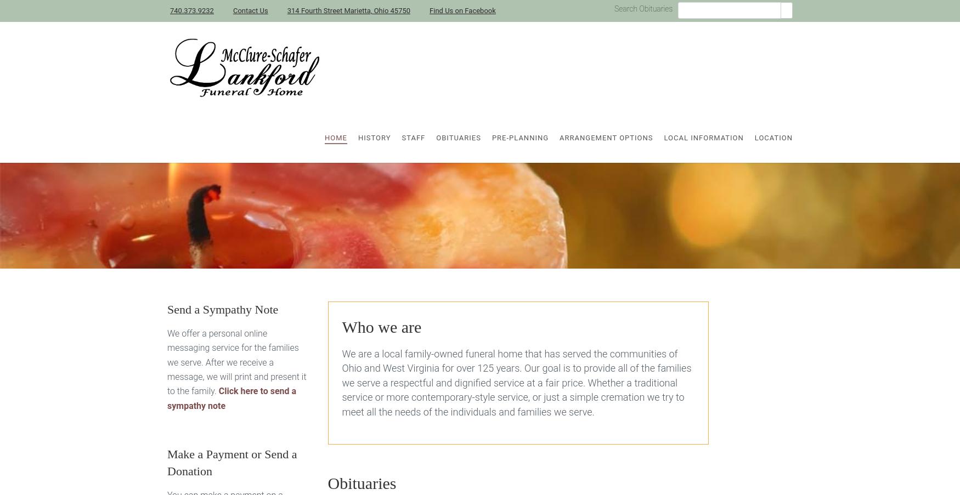 Image resolution: width=960 pixels, height=495 pixels. I want to click on 'We offer a personal online messaging service for the families we serve. After we receive a message, we will print and present it to the family.', so click(236, 361).